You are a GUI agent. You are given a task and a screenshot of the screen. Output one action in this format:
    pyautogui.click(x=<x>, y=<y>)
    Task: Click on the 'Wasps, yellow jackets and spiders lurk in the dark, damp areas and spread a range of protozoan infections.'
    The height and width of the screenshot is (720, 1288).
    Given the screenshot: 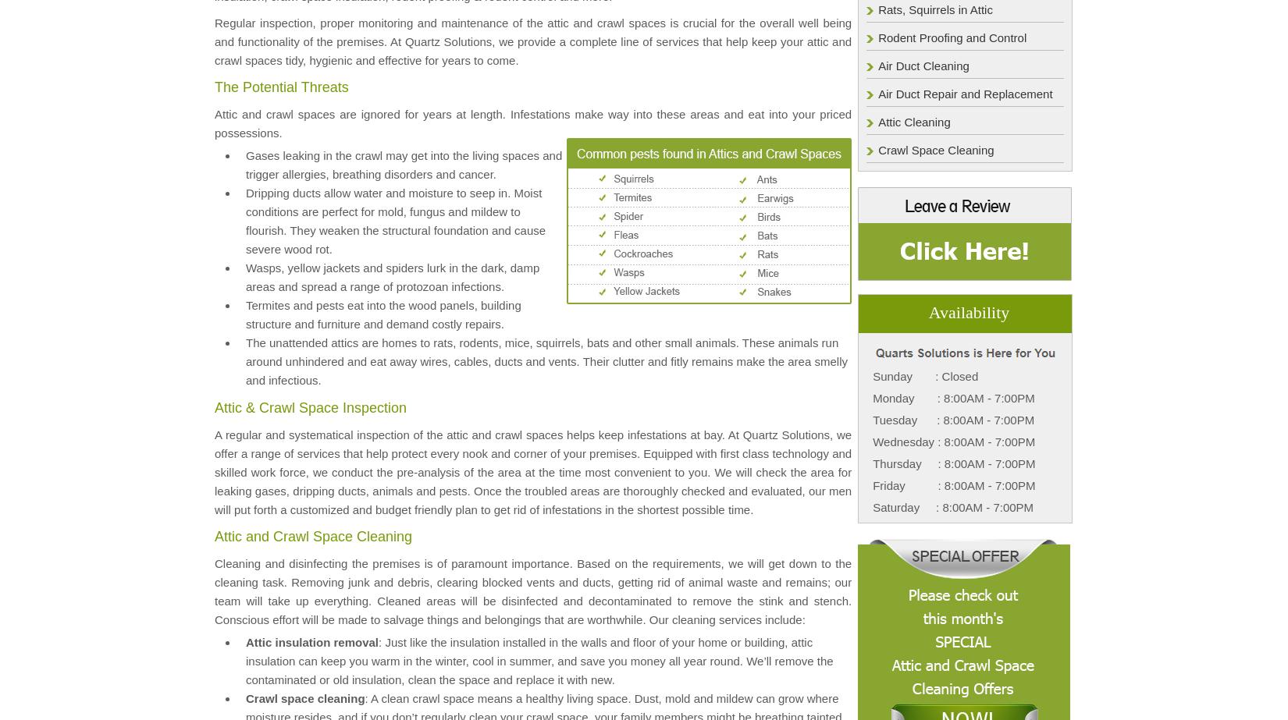 What is the action you would take?
    pyautogui.click(x=391, y=276)
    